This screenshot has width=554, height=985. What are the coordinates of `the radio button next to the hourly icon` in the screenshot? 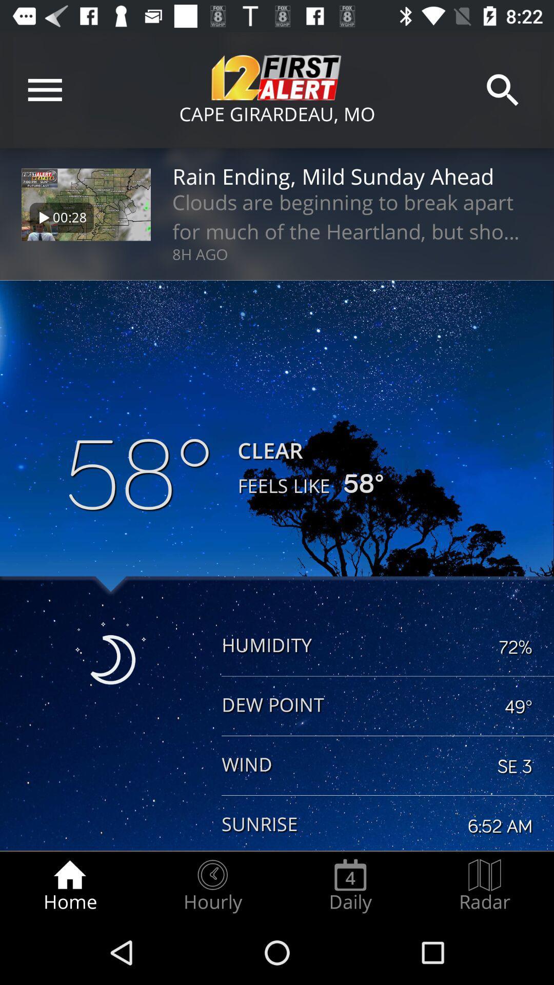 It's located at (350, 885).